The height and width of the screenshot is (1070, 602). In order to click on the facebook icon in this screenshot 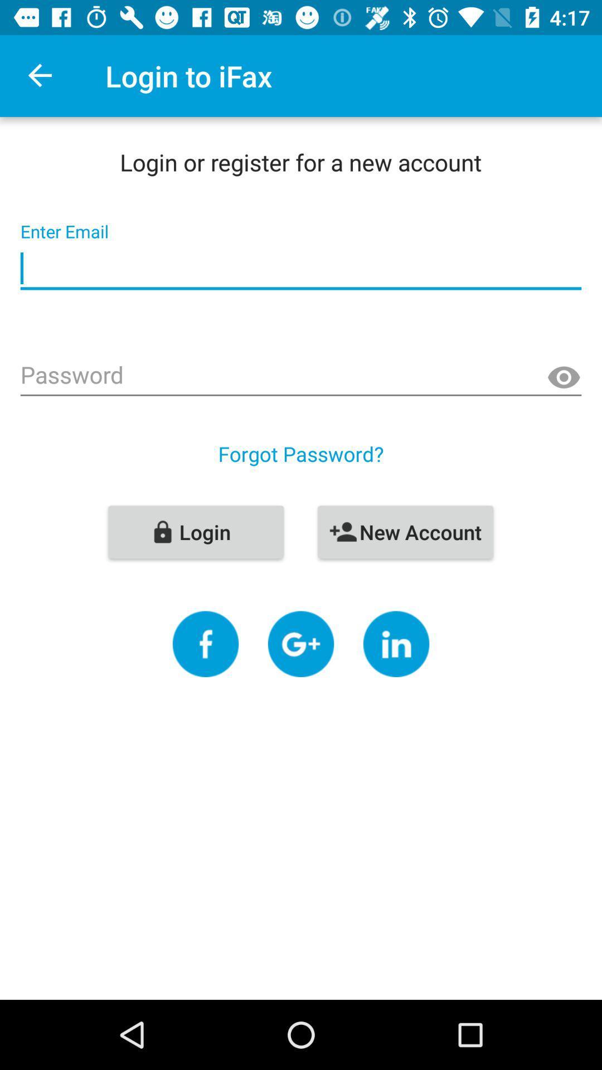, I will do `click(206, 644)`.